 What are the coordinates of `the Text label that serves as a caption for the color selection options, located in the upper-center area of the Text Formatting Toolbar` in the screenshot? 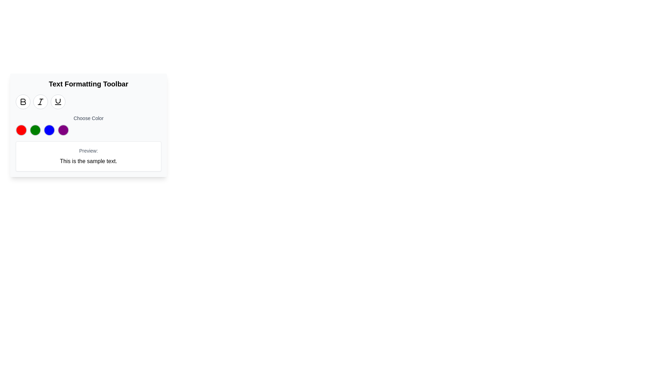 It's located at (88, 118).